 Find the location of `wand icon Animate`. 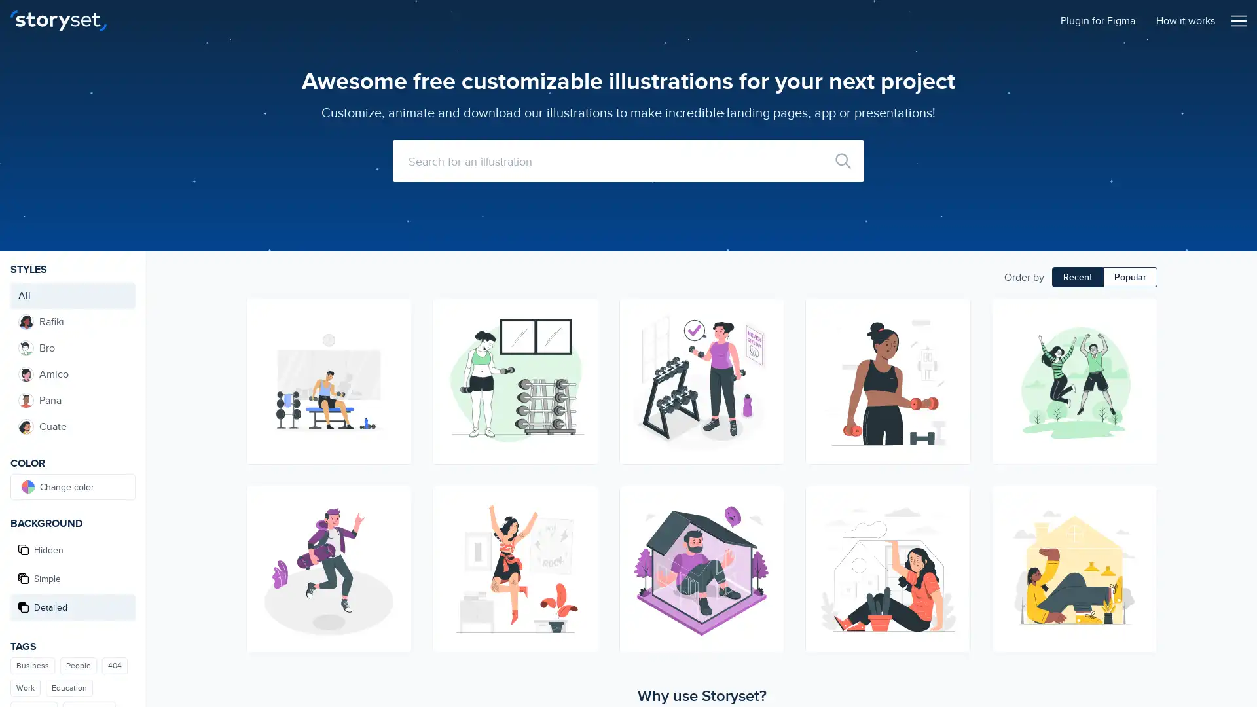

wand icon Animate is located at coordinates (394, 501).